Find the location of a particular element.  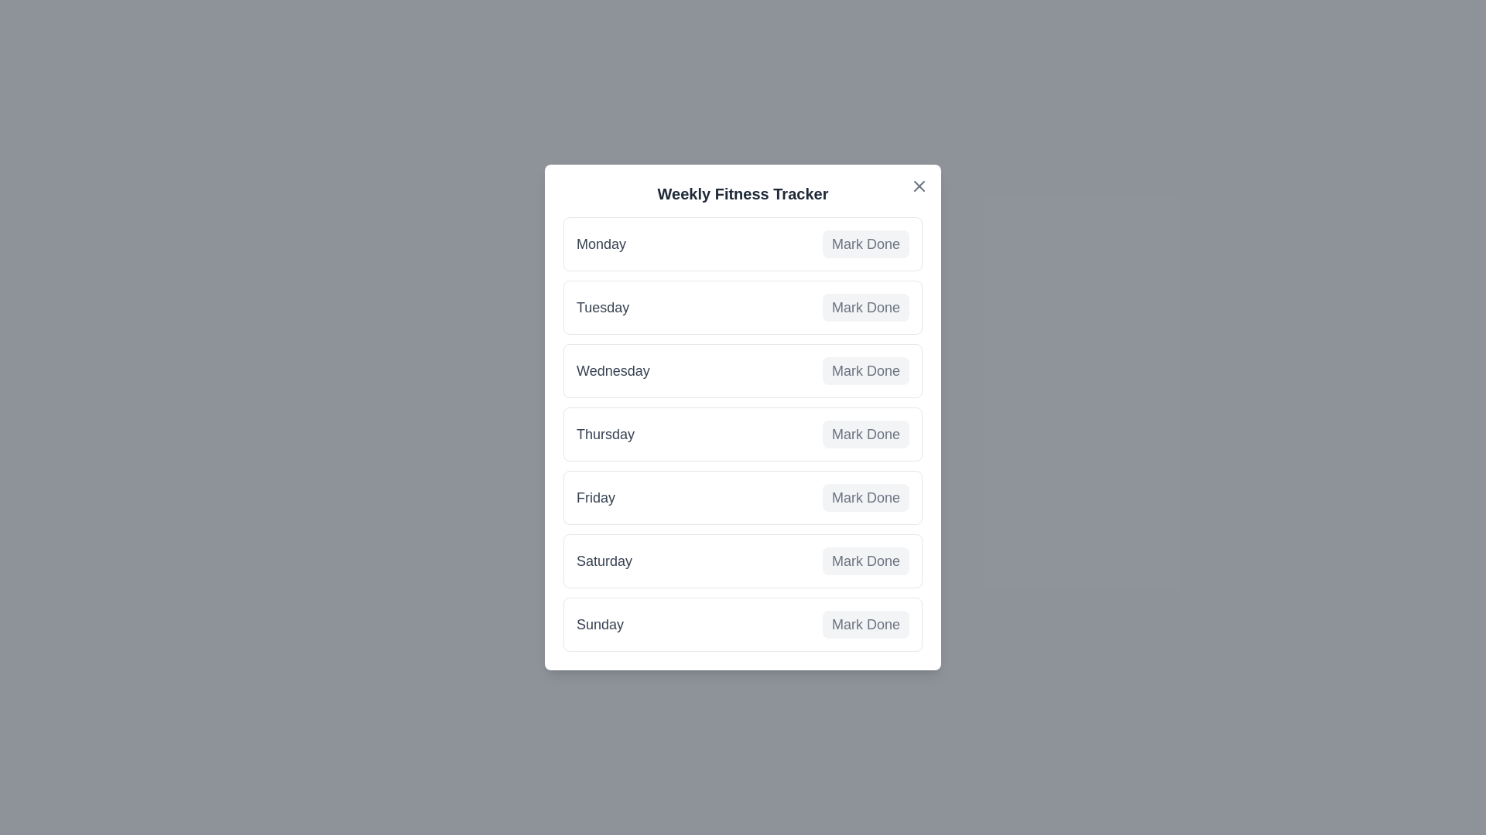

'Mark Done' button for Wednesday is located at coordinates (865, 370).